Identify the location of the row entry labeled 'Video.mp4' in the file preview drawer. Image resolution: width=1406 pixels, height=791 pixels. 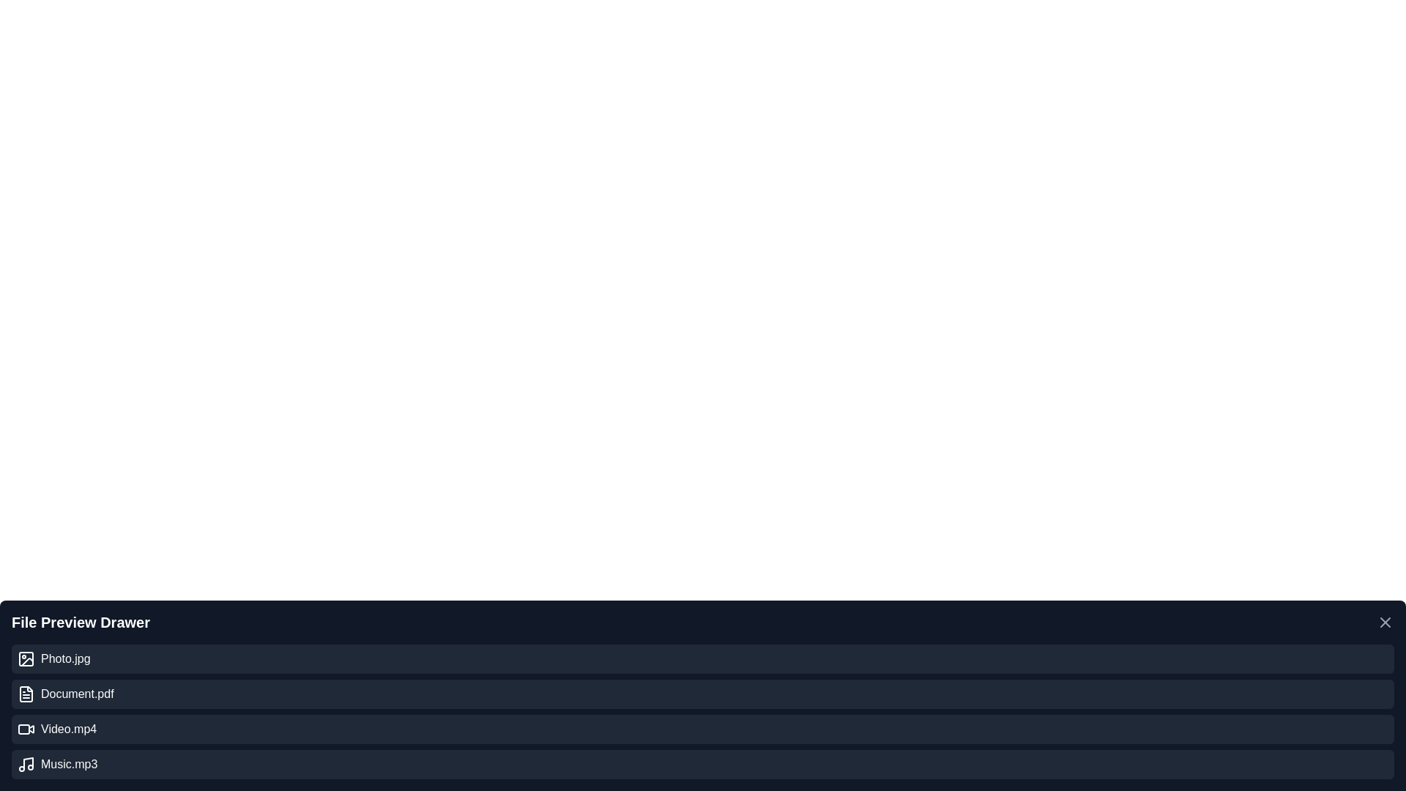
(703, 729).